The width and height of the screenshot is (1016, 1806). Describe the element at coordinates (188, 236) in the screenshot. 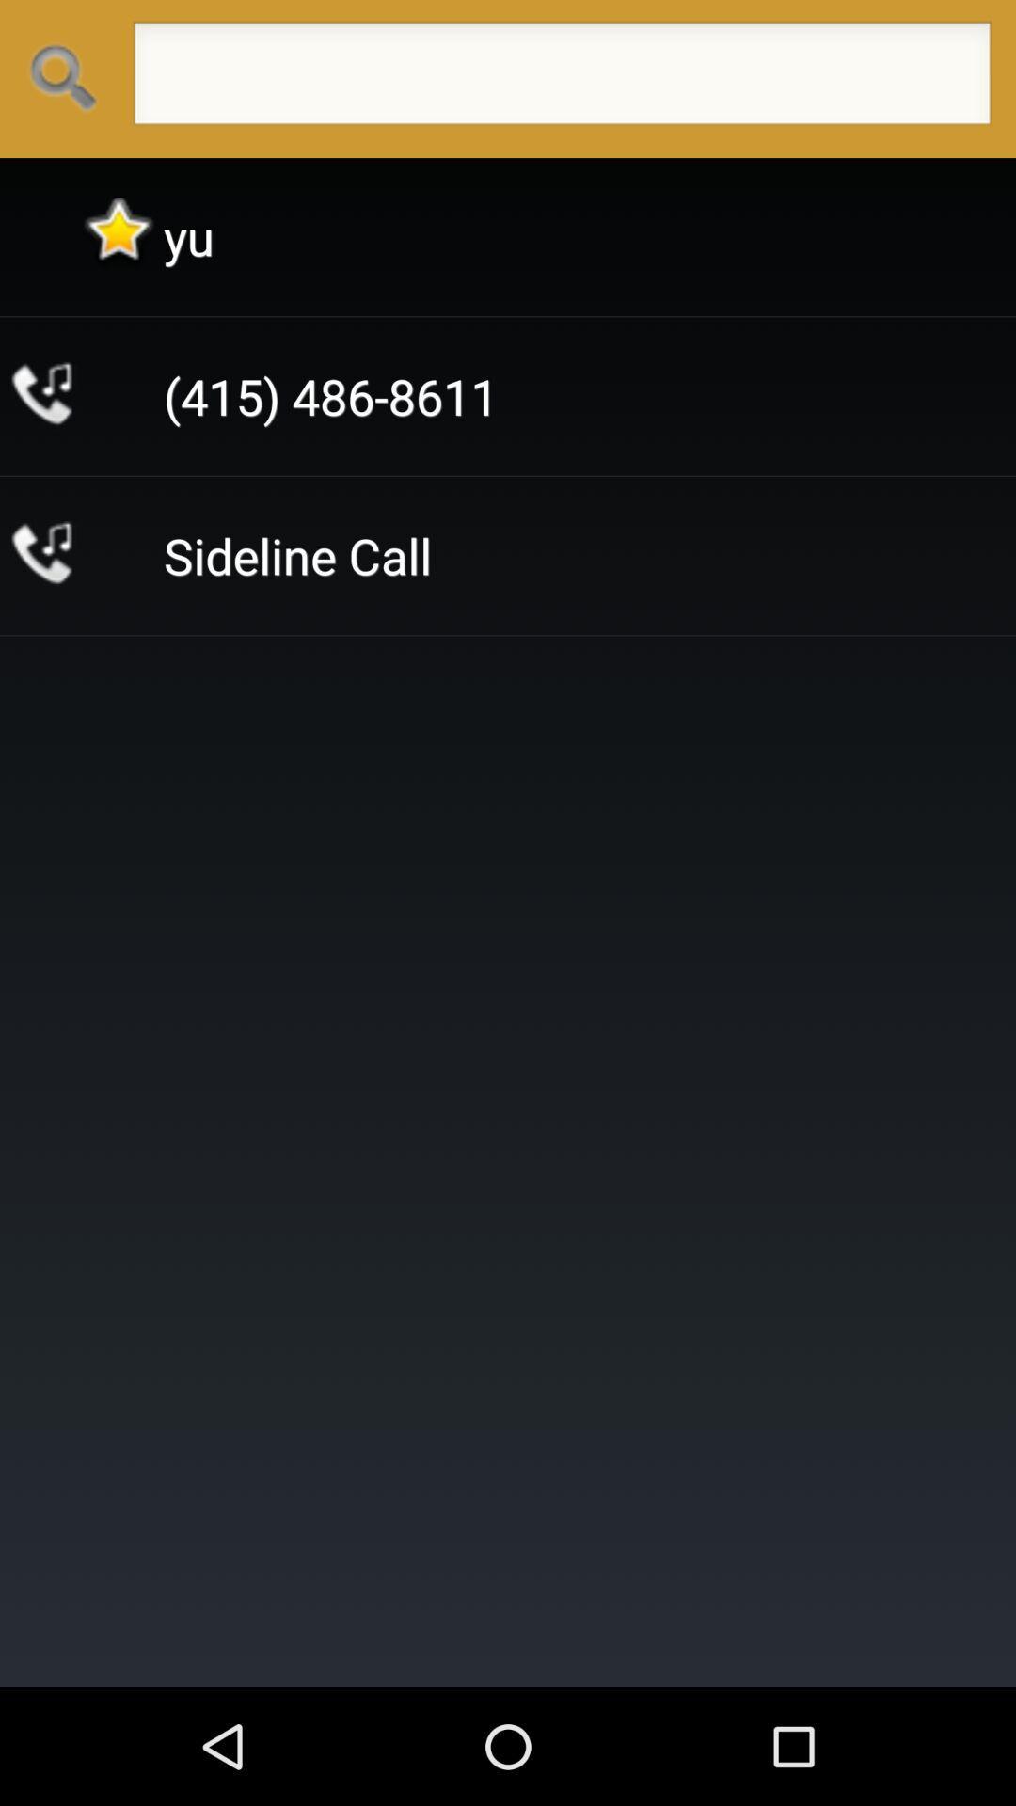

I see `the yu` at that location.